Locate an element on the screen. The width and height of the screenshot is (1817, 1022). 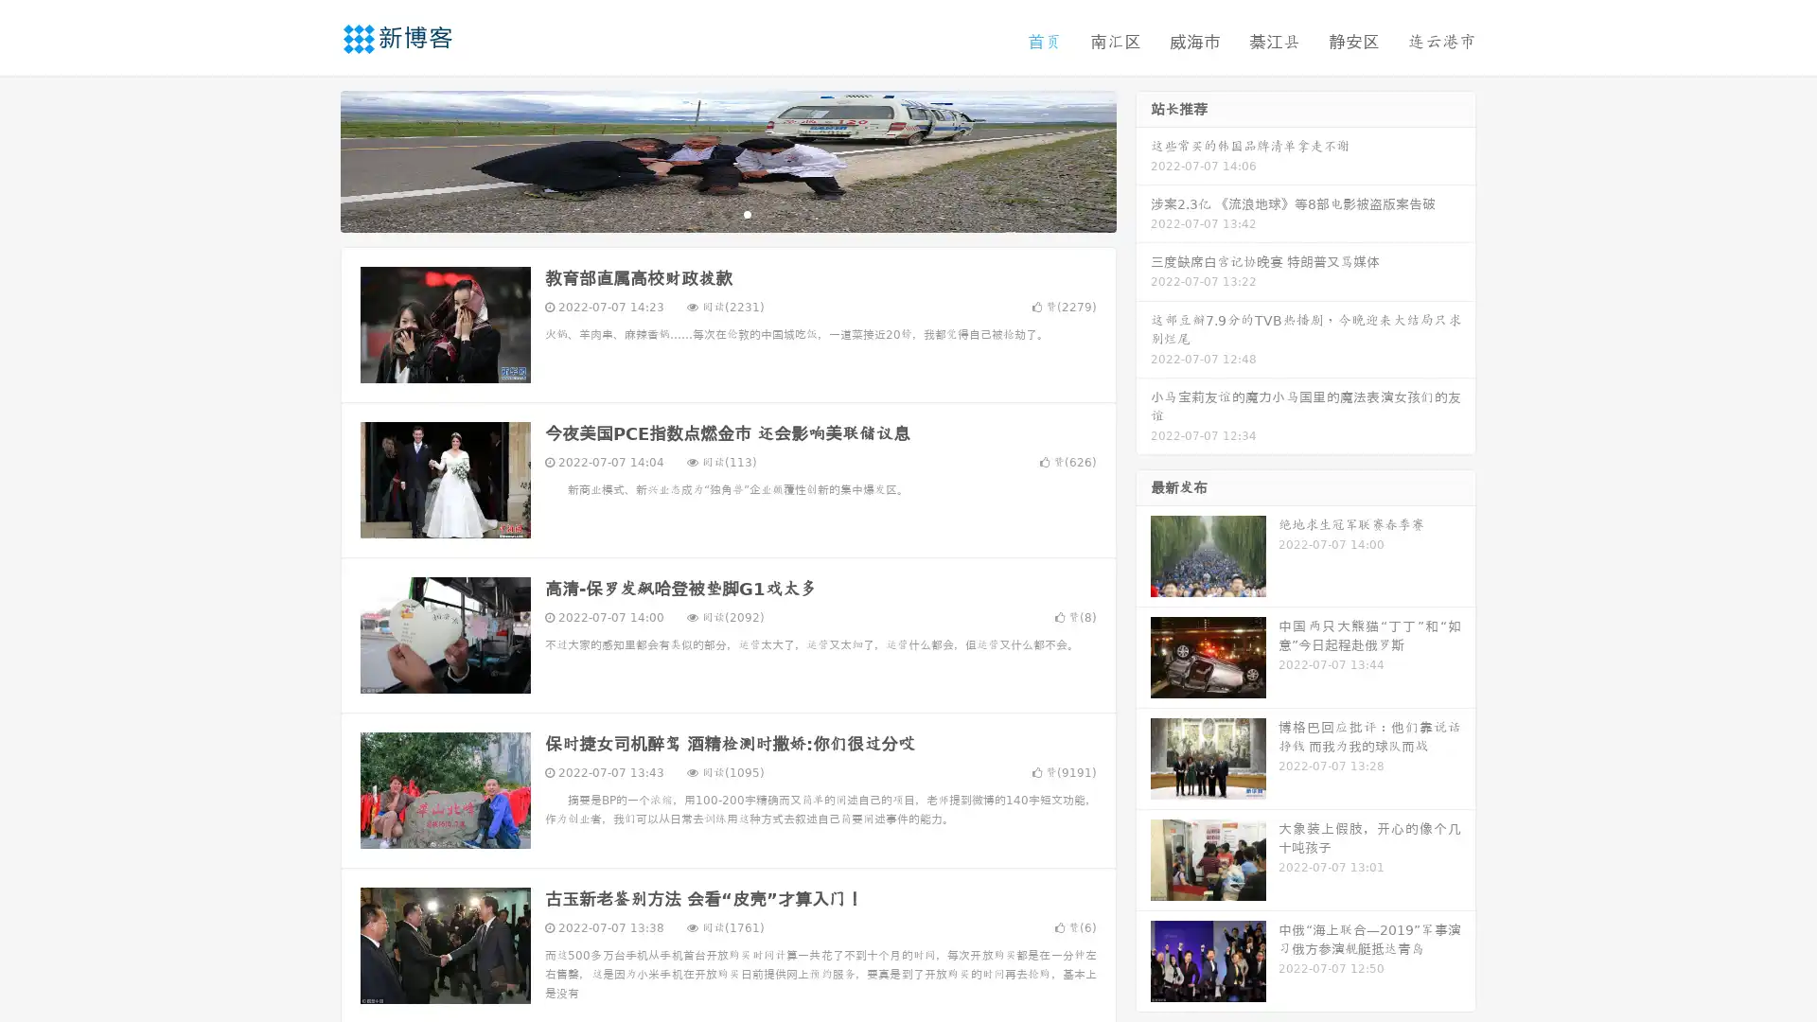
Go to slide 3 is located at coordinates (747, 213).